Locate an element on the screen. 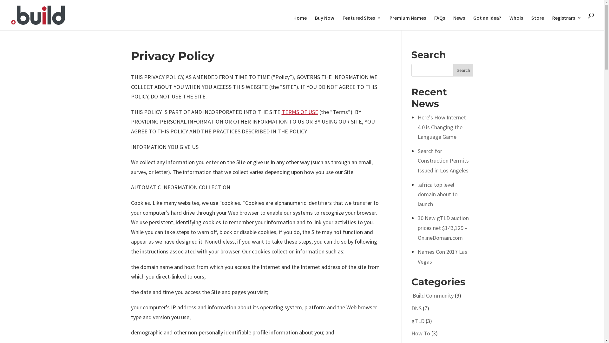  'gTLD' is located at coordinates (418, 320).